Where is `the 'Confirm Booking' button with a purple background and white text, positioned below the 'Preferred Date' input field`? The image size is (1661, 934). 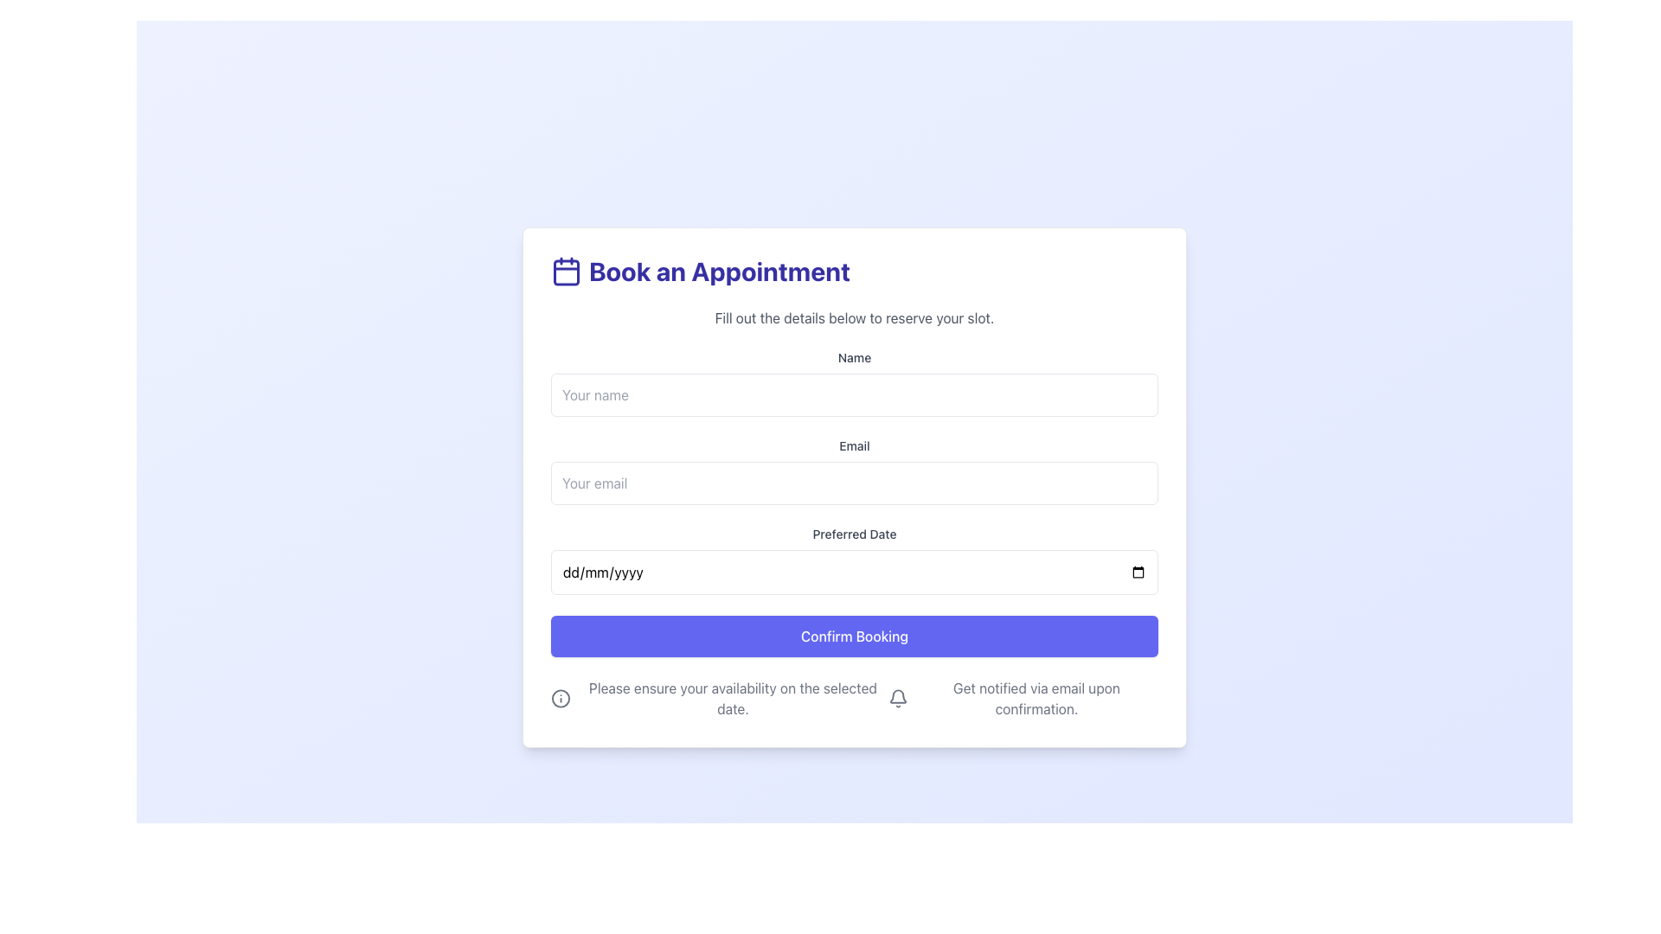 the 'Confirm Booking' button with a purple background and white text, positioned below the 'Preferred Date' input field is located at coordinates (855, 637).